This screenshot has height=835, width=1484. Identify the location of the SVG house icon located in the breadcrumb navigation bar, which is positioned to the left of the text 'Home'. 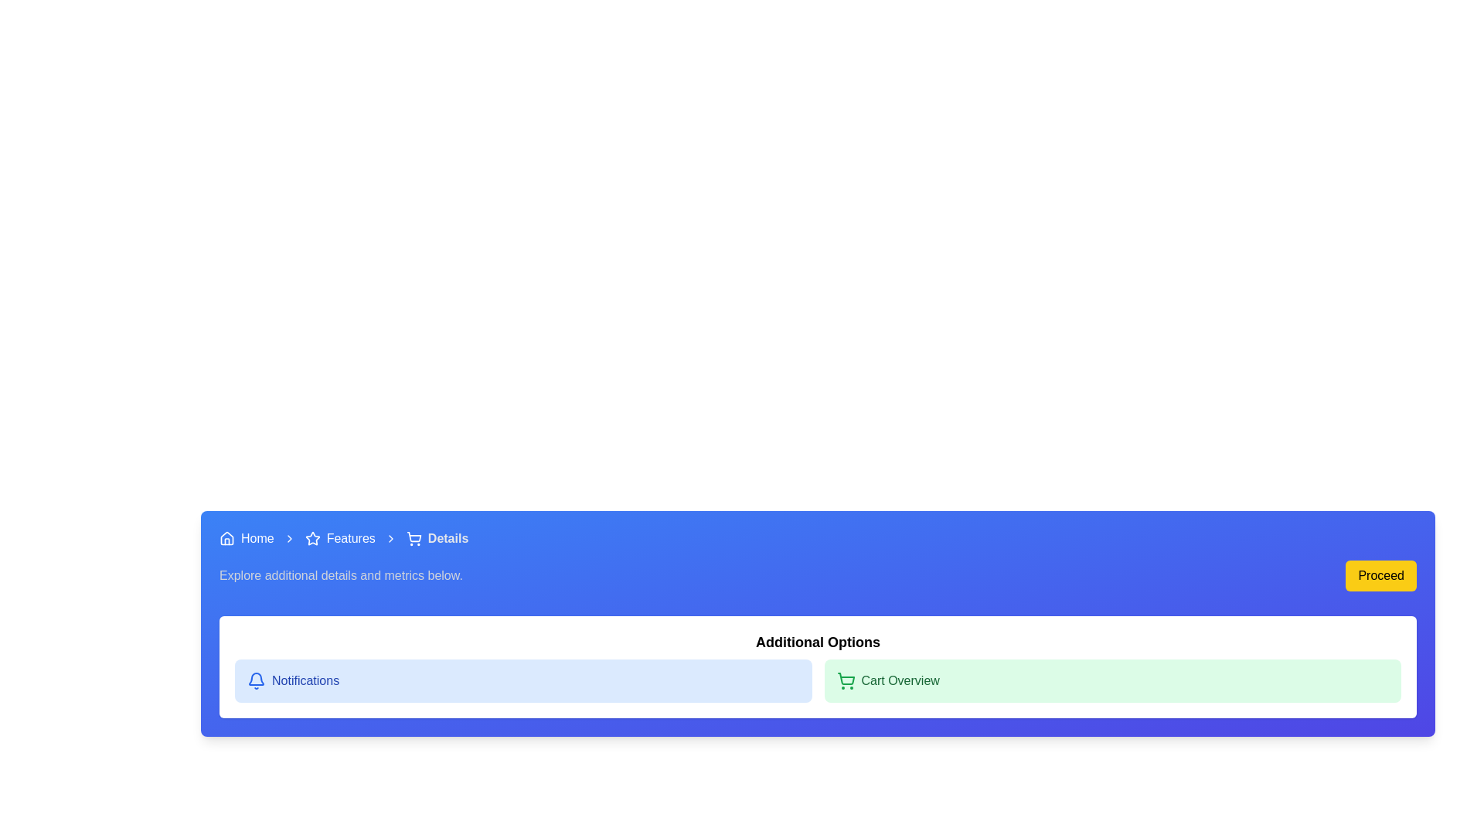
(226, 538).